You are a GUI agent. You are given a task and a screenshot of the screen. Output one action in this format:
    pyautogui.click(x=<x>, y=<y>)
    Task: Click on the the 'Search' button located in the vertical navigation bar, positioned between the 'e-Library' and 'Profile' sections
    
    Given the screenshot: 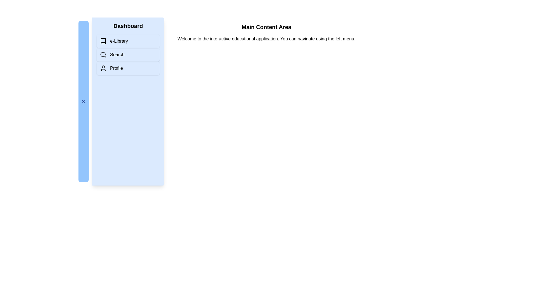 What is the action you would take?
    pyautogui.click(x=128, y=55)
    